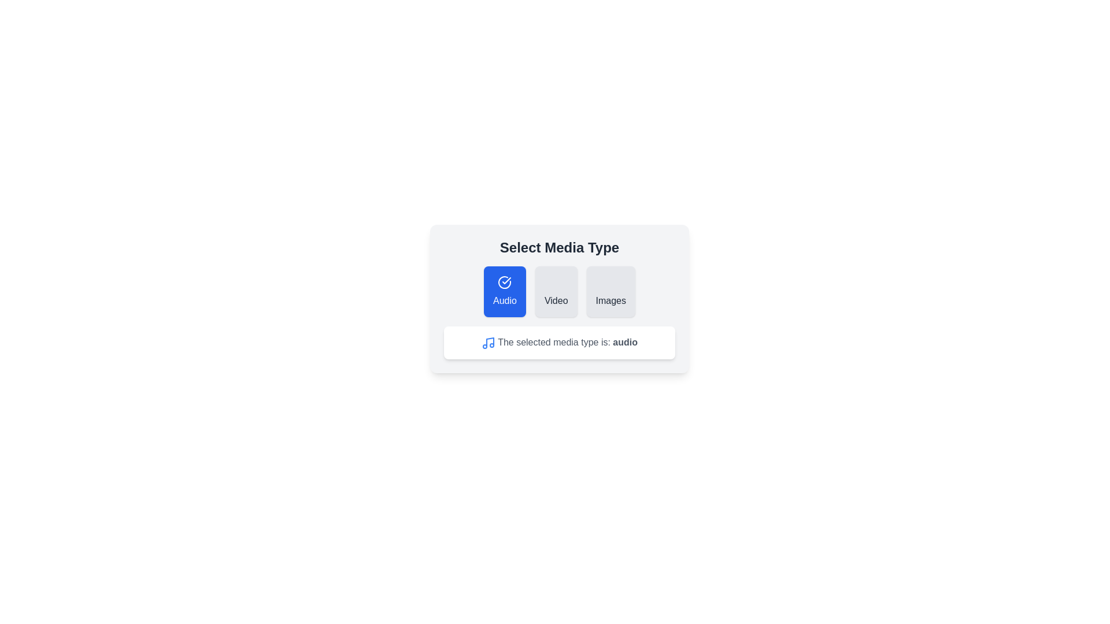  What do you see at coordinates (506, 281) in the screenshot?
I see `the checkmark icon confirming the selection of the 'Audio' media type to assist users in identifying their current choice` at bounding box center [506, 281].